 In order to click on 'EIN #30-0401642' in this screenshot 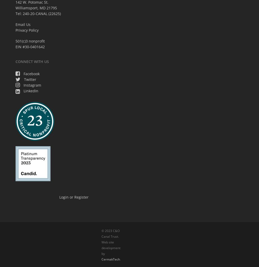, I will do `click(16, 46)`.